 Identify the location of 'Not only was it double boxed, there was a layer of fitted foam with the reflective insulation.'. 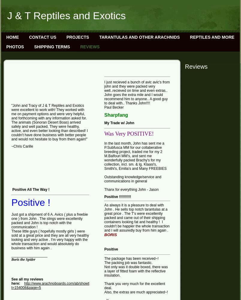
(136, 271).